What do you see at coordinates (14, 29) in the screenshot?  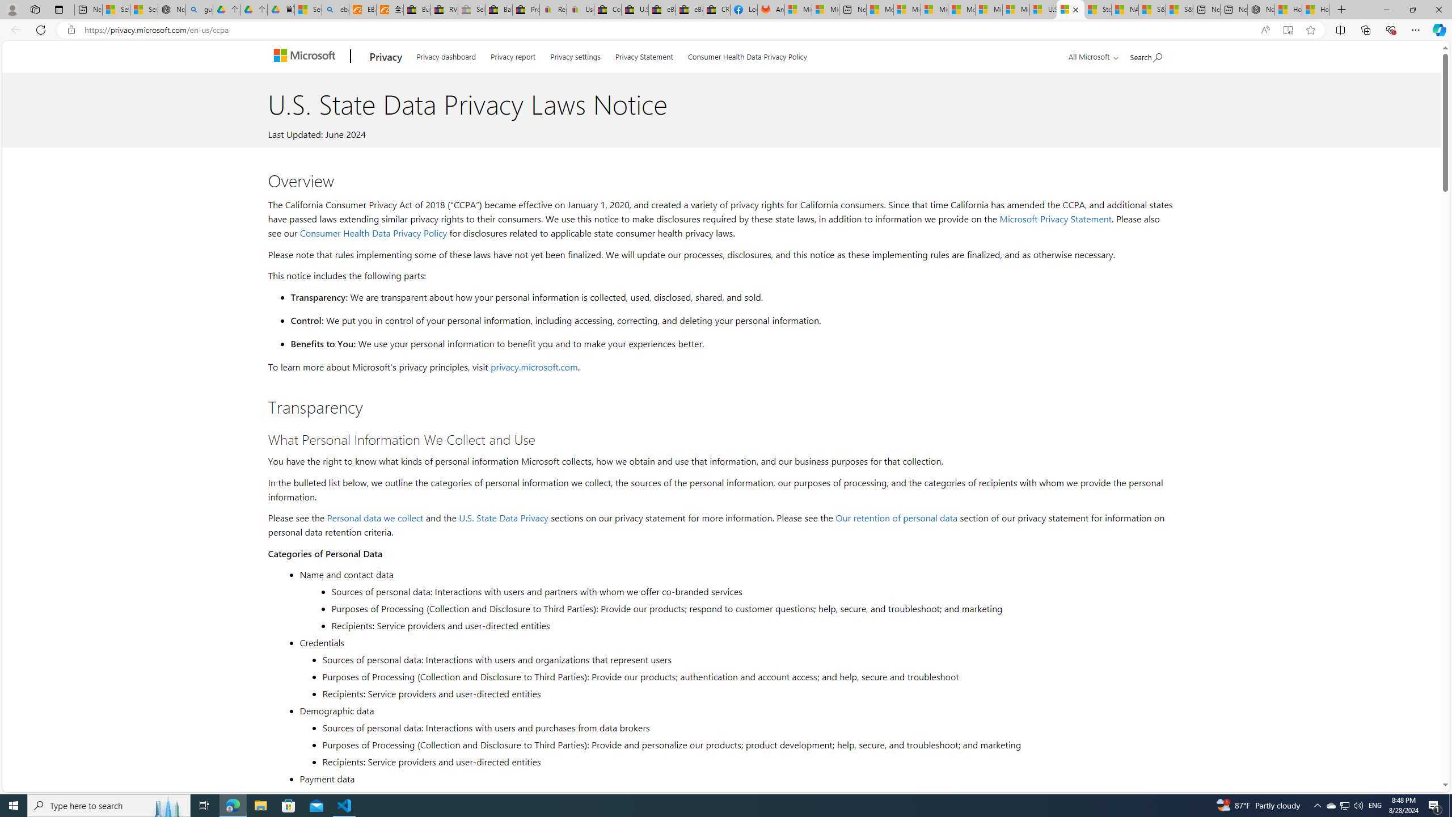 I see `'Back'` at bounding box center [14, 29].